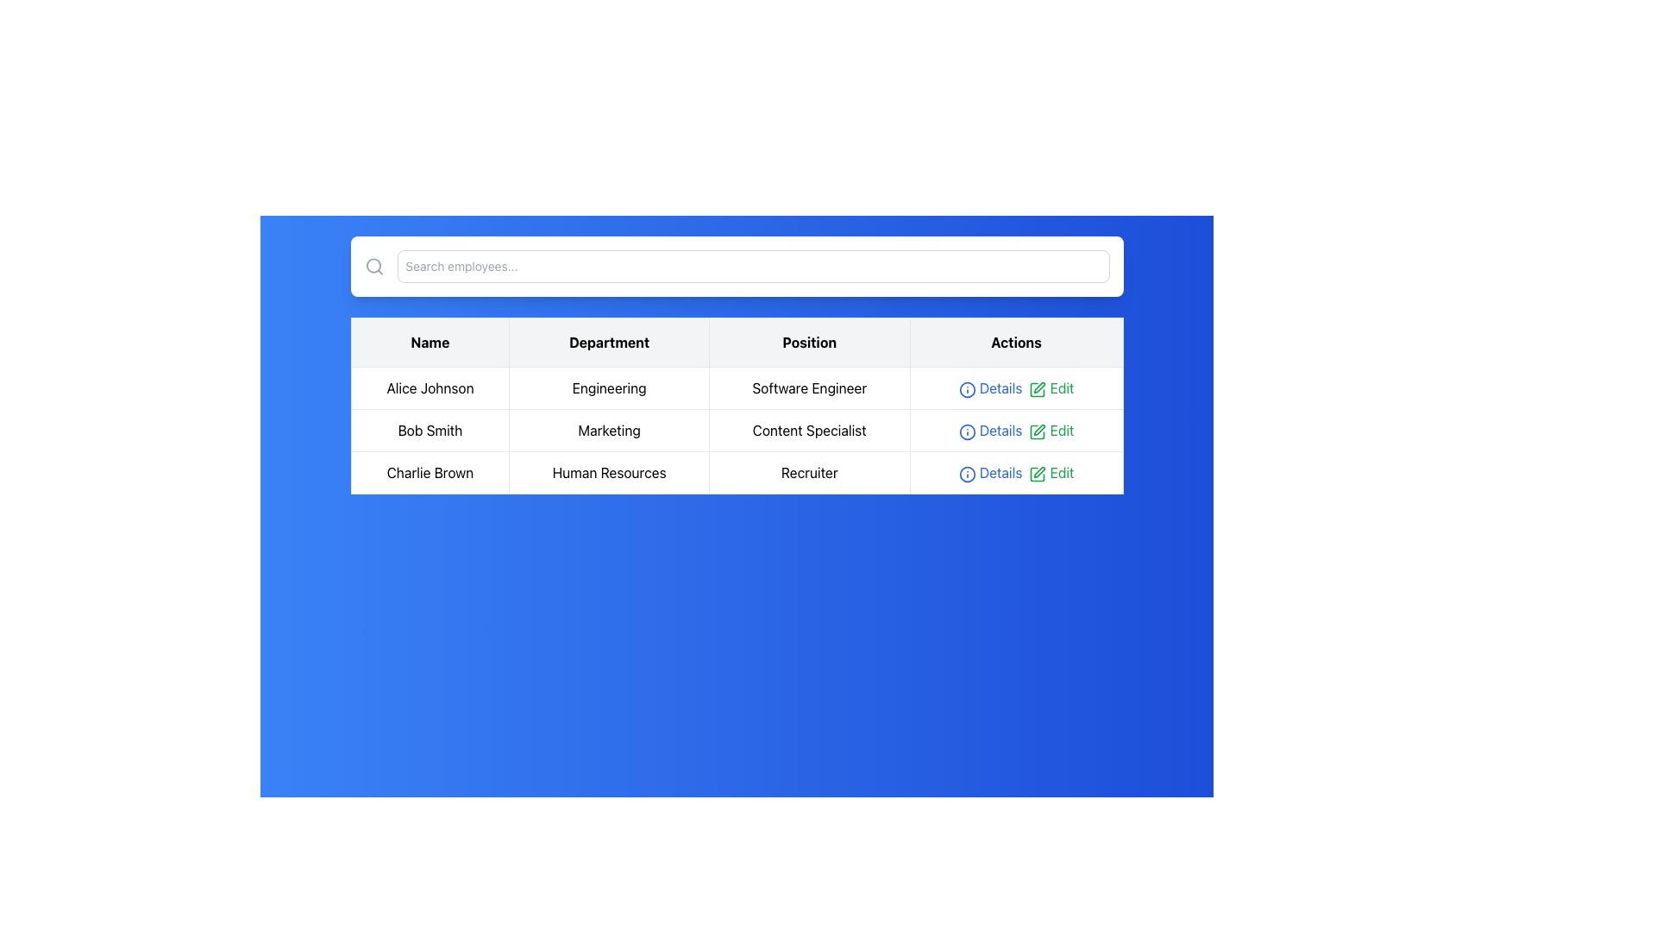 This screenshot has width=1656, height=932. I want to click on the table cell representing the department name of 'Charlie Brown' located in the second column under the 'Department' heading, so click(609, 472).